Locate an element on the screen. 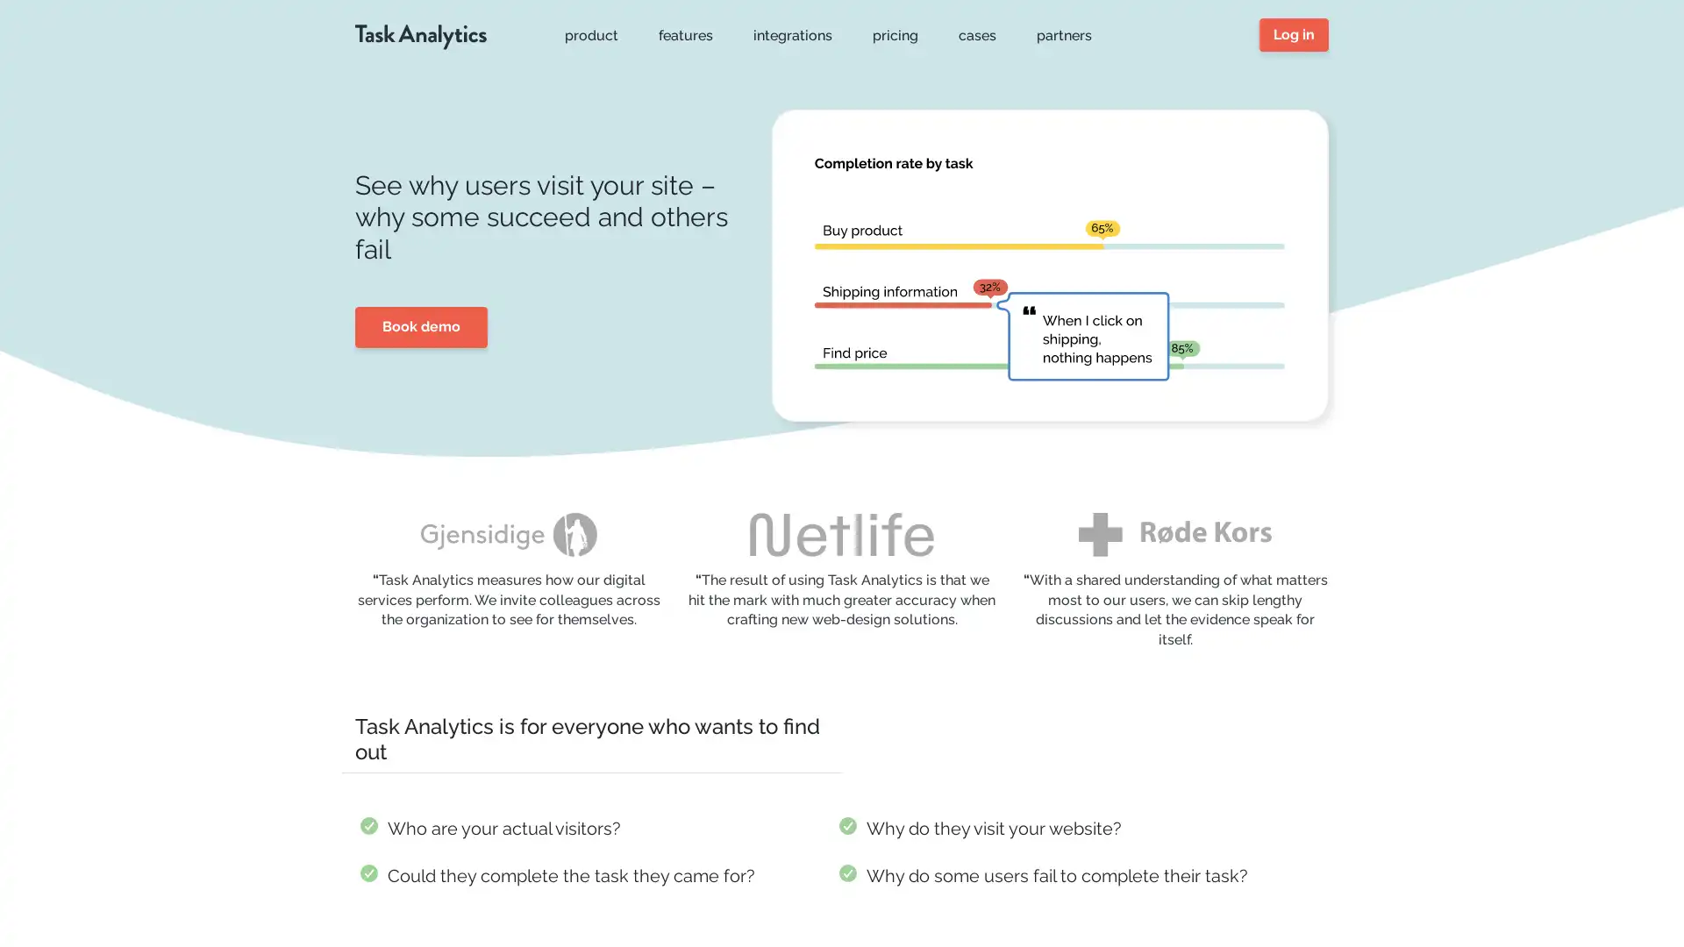 This screenshot has height=947, width=1684. Open Intercom Messenger is located at coordinates (1639, 902).